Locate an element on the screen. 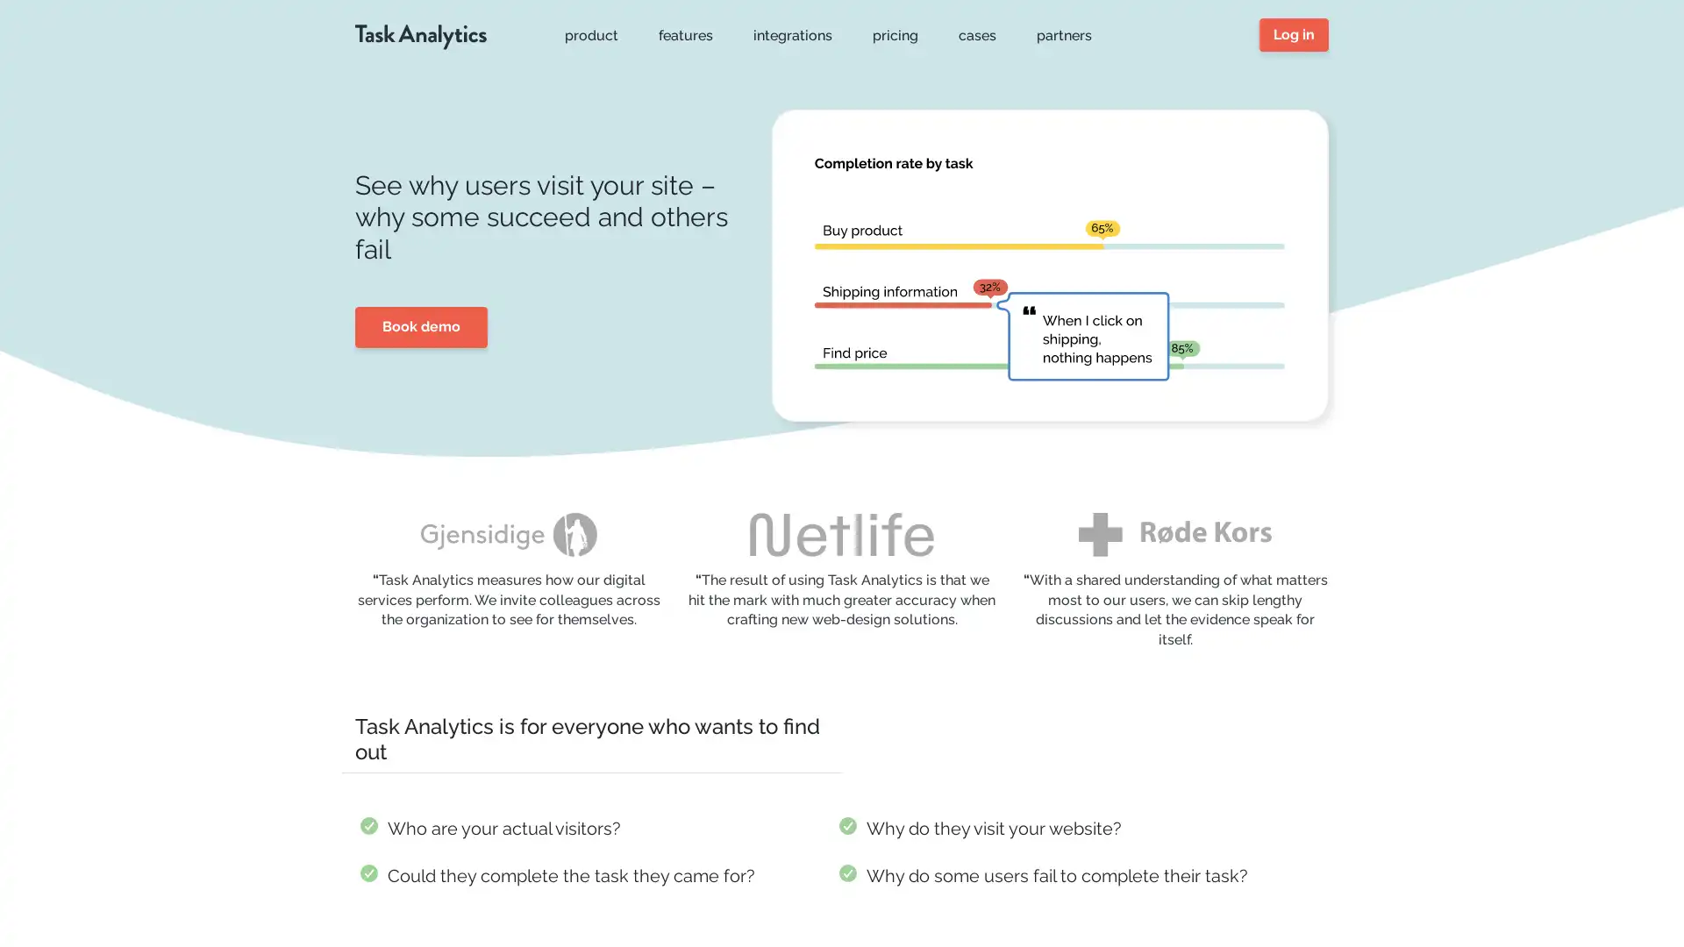 This screenshot has height=947, width=1684. Open Intercom Messenger is located at coordinates (1639, 902).